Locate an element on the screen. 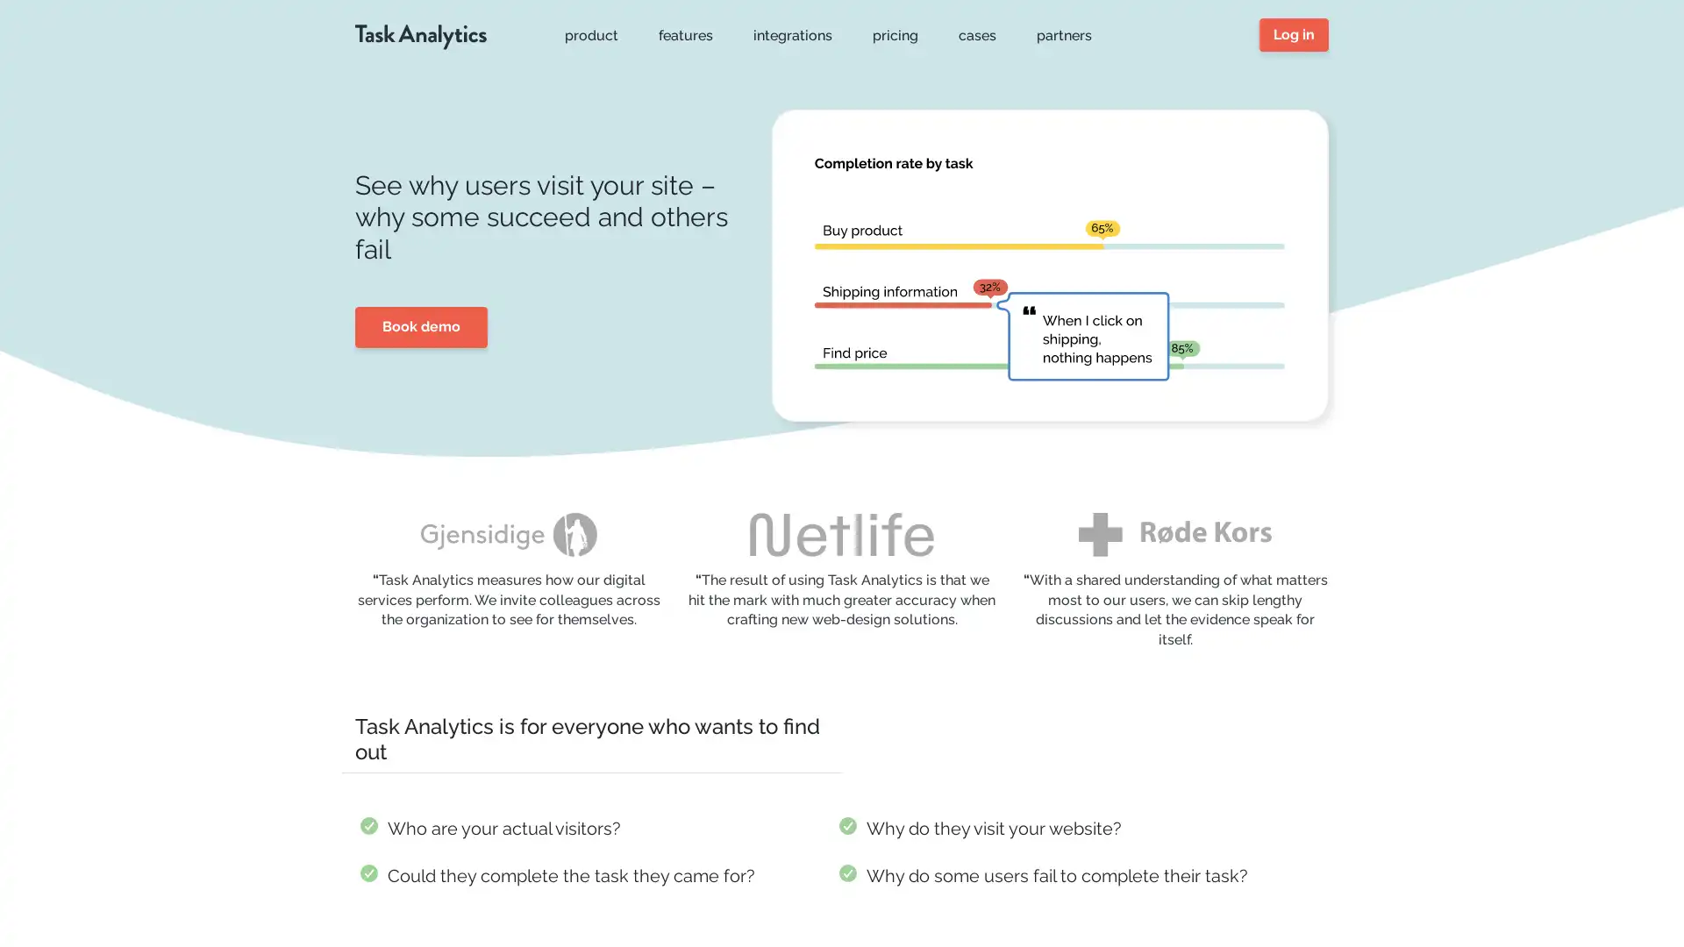 This screenshot has height=947, width=1684. Open Intercom Messenger is located at coordinates (1639, 902).